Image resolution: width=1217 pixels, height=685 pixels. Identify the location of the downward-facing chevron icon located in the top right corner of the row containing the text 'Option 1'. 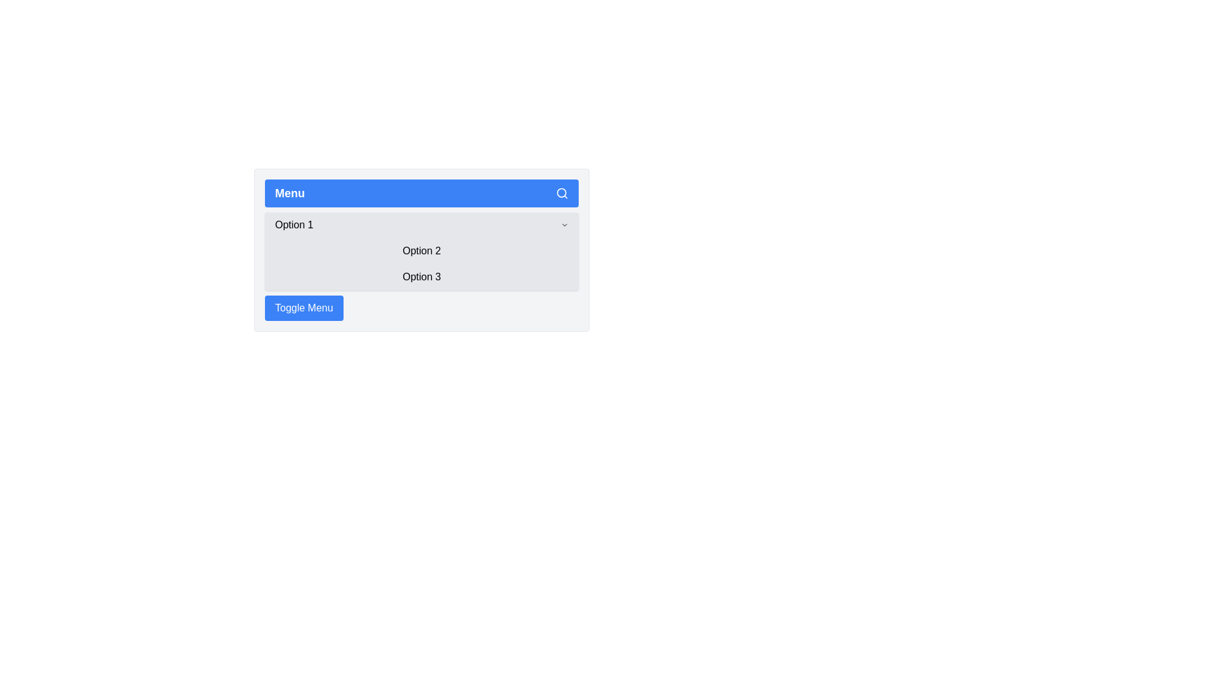
(564, 224).